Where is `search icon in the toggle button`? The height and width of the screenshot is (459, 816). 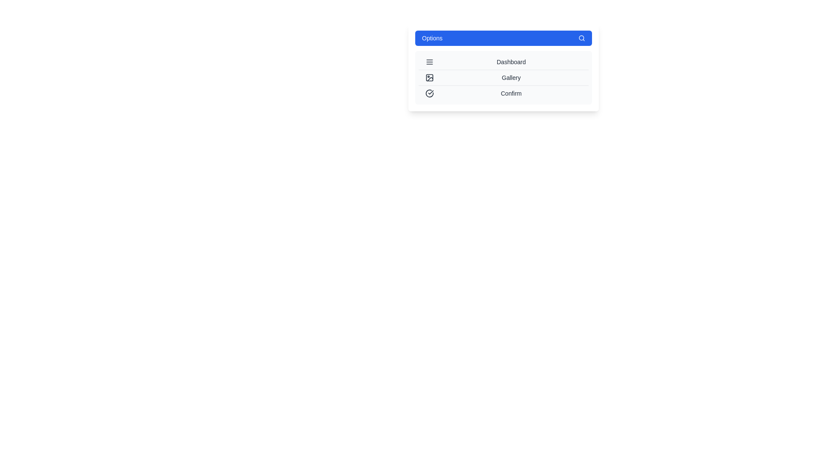
search icon in the toggle button is located at coordinates (581, 37).